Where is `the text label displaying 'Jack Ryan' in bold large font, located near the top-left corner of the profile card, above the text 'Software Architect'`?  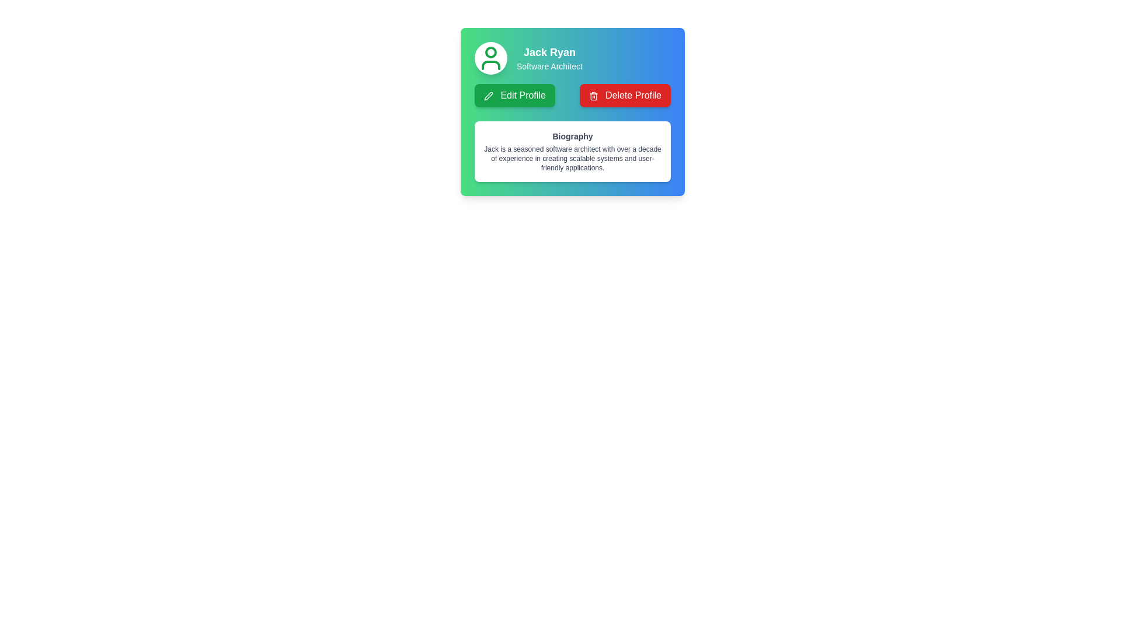
the text label displaying 'Jack Ryan' in bold large font, located near the top-left corner of the profile card, above the text 'Software Architect' is located at coordinates (549, 51).